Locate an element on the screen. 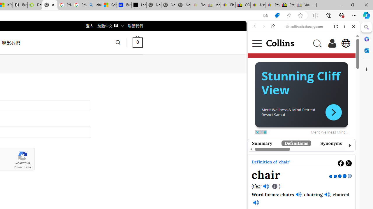 The height and width of the screenshot is (209, 373). 'Nordace - My Account' is located at coordinates (50, 5).